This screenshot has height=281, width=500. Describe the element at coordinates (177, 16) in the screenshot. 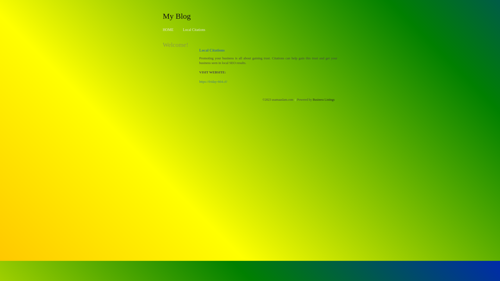

I see `'My Blog'` at that location.